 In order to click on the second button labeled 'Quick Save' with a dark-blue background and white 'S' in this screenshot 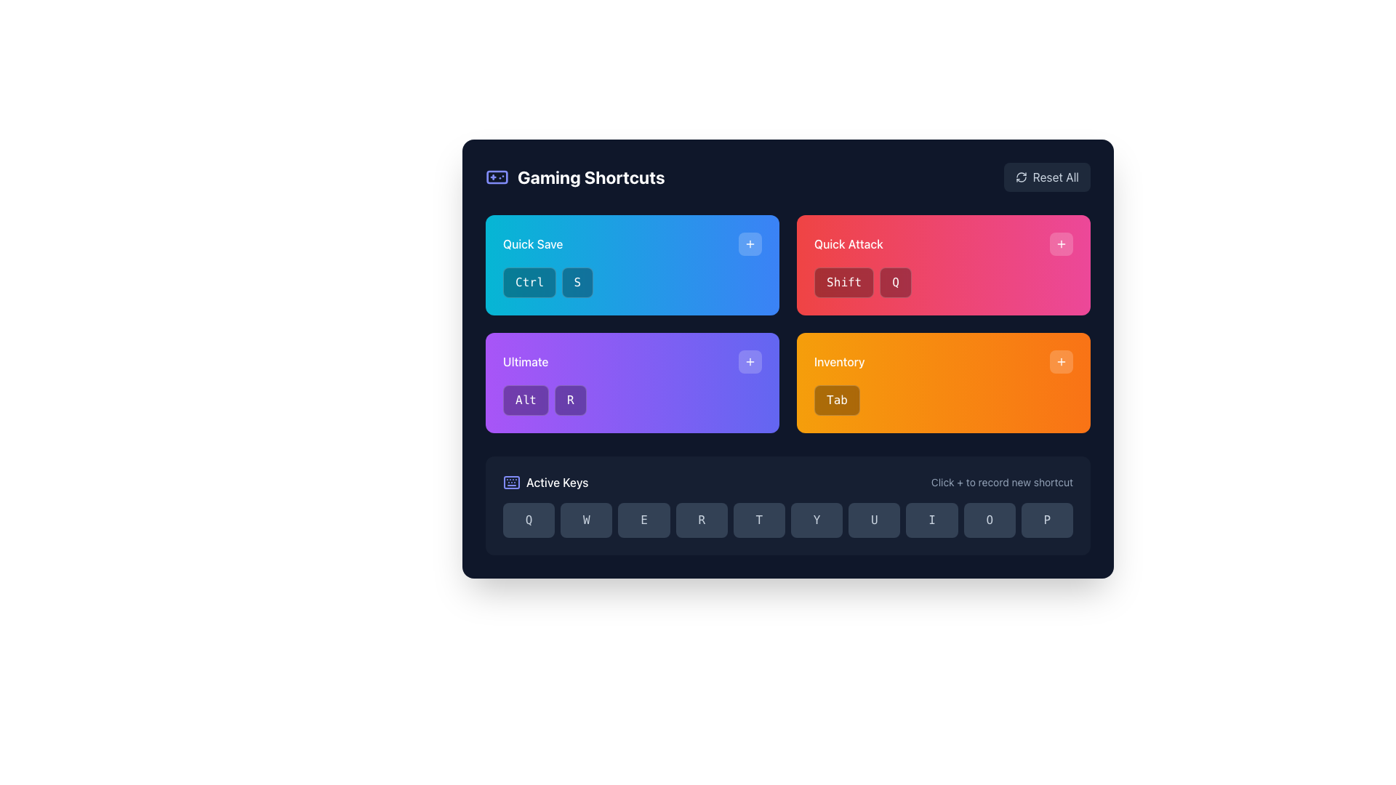, I will do `click(577, 283)`.